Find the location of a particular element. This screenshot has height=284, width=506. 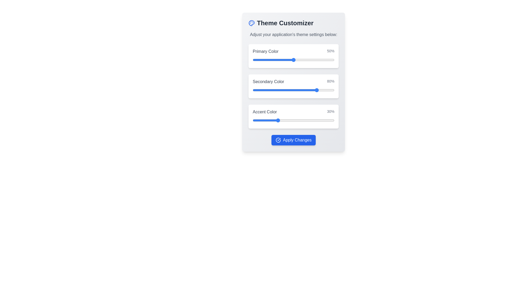

the accent color percentage is located at coordinates (286, 120).